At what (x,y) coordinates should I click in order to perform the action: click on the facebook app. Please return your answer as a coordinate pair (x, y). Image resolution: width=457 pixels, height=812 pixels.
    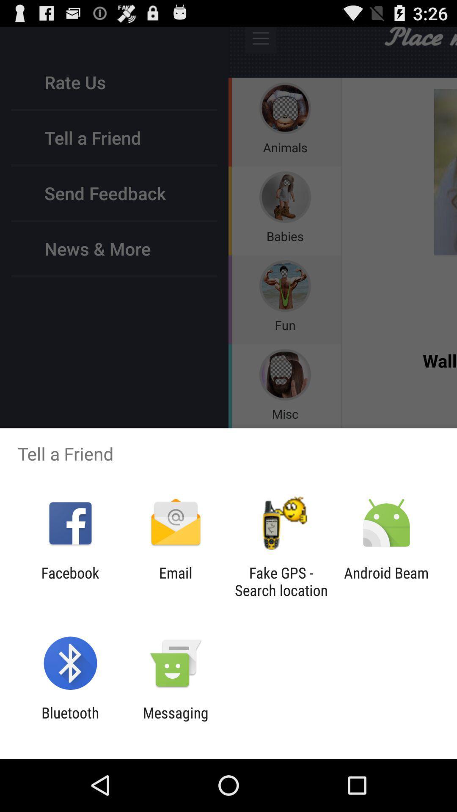
    Looking at the image, I should click on (70, 581).